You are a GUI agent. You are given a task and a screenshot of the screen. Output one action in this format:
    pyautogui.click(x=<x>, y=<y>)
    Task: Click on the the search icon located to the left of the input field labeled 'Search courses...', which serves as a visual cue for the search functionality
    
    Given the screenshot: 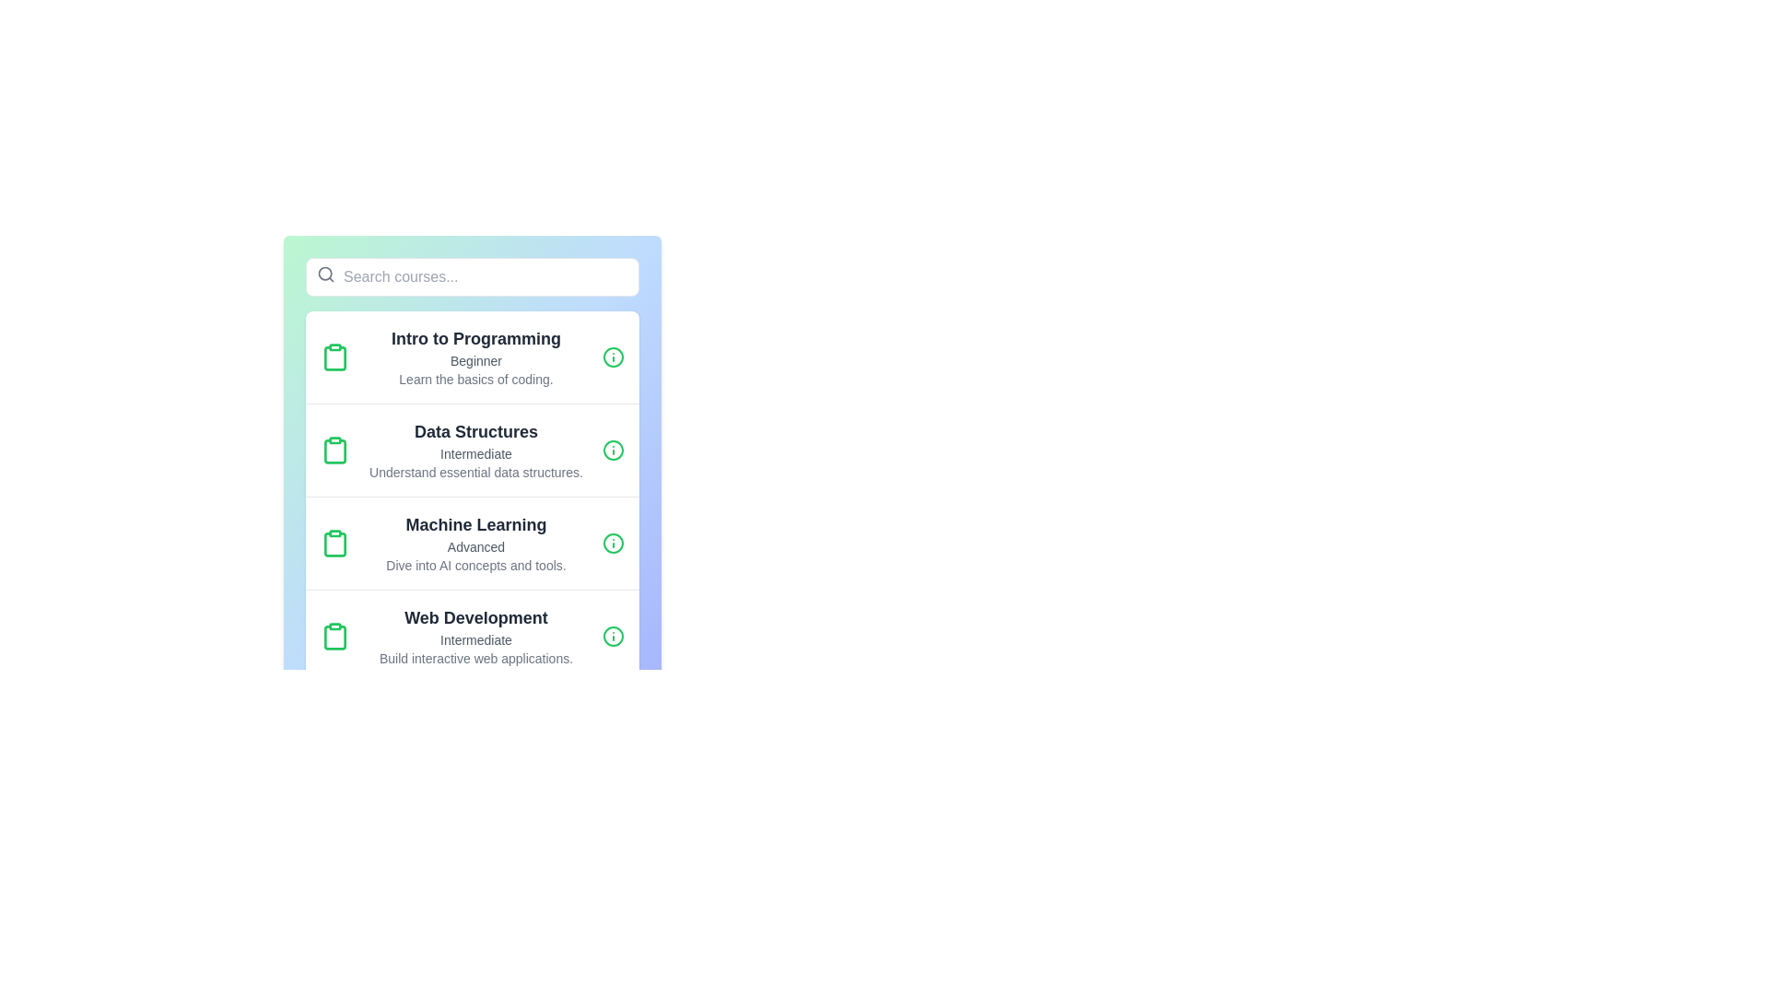 What is the action you would take?
    pyautogui.click(x=326, y=274)
    